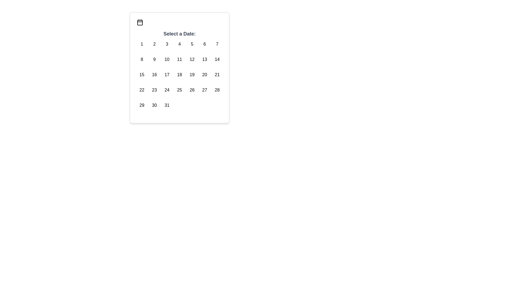  Describe the element at coordinates (142, 44) in the screenshot. I see `the circular button labeled '1'` at that location.